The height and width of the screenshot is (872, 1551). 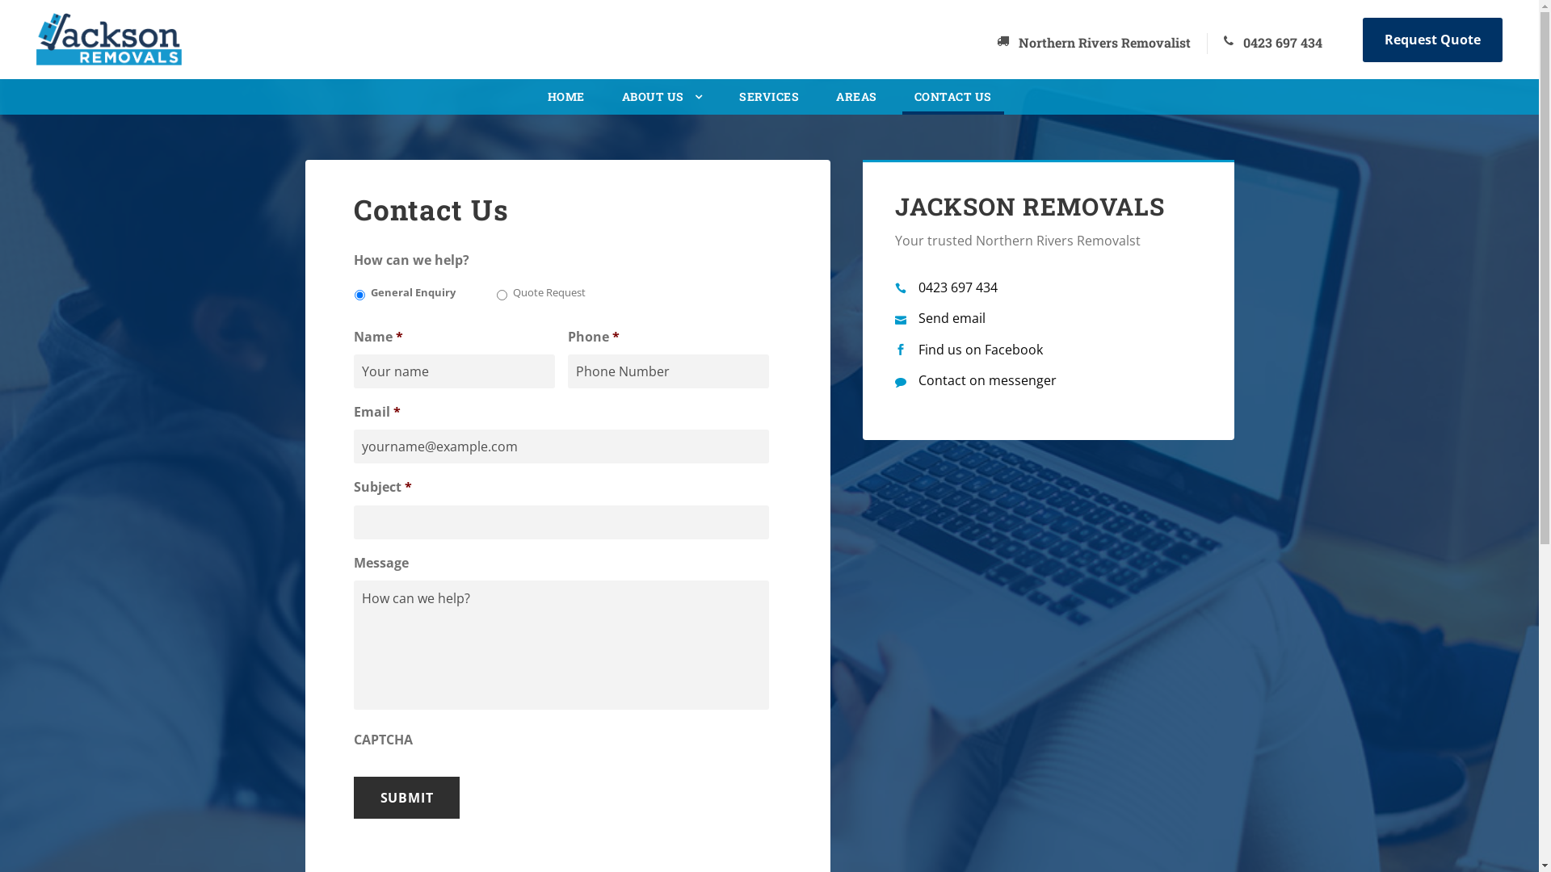 I want to click on 'AREAS', so click(x=836, y=100).